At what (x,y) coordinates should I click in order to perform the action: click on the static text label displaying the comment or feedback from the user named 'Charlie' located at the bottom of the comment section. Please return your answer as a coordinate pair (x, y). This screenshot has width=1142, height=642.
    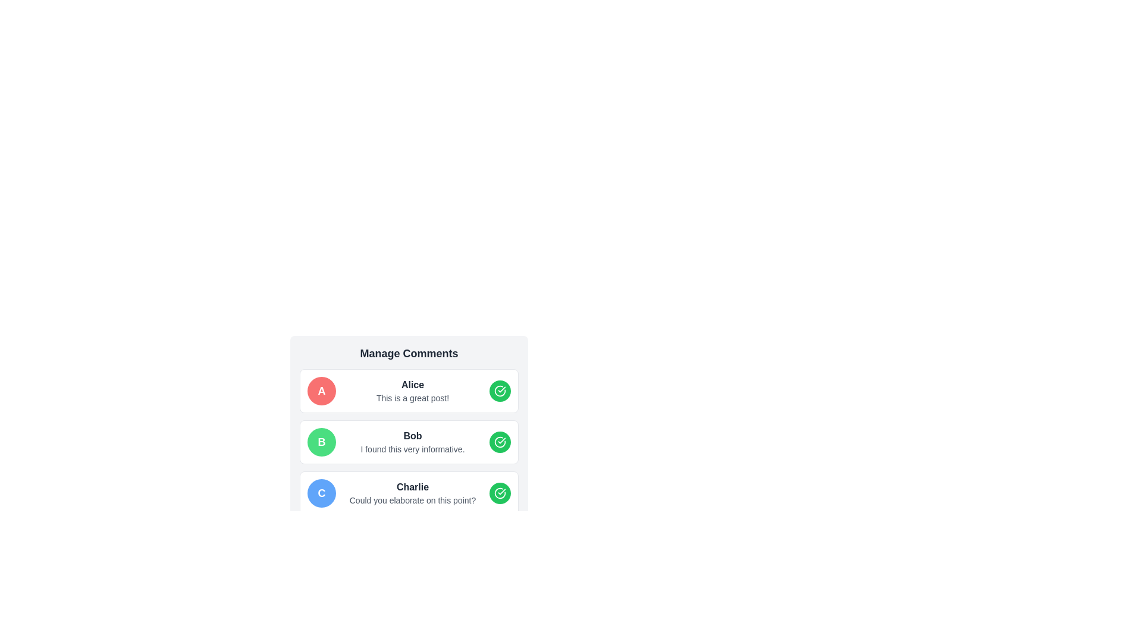
    Looking at the image, I should click on (413, 500).